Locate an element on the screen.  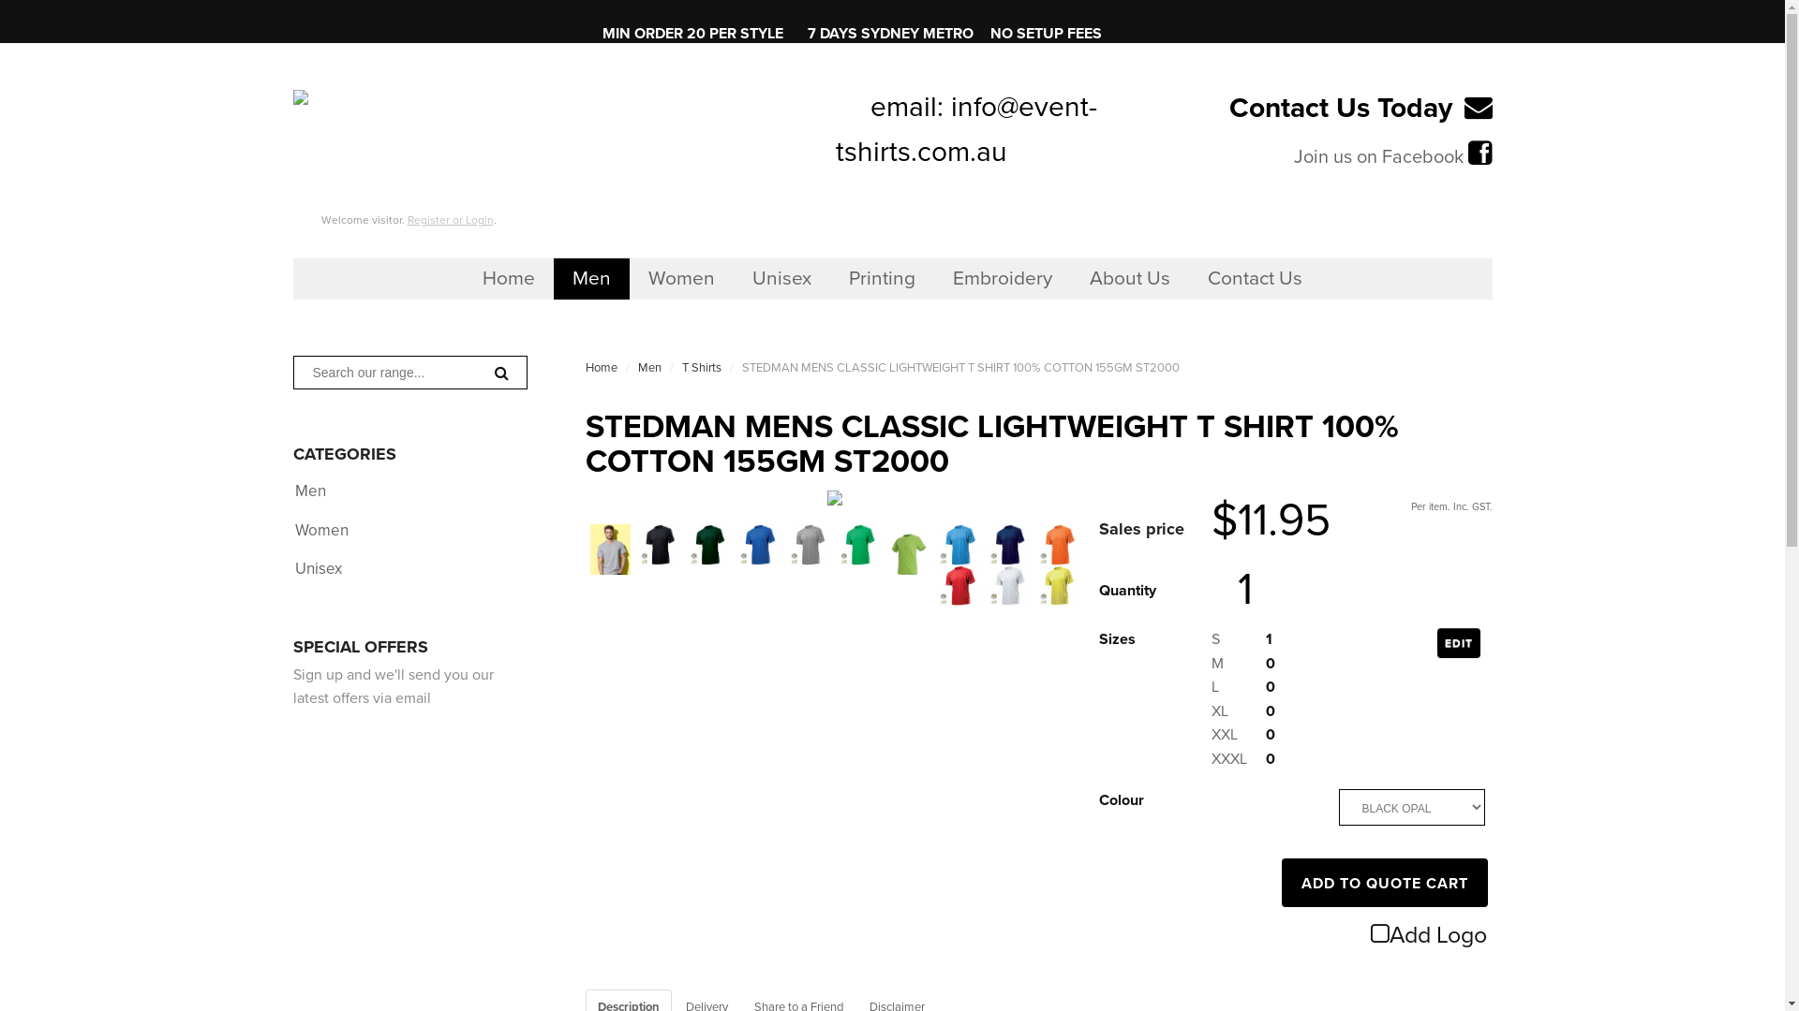
'LIGHT BLUE' is located at coordinates (959, 544).